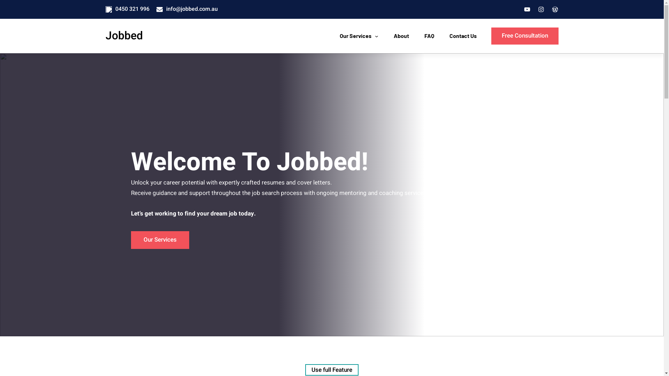 The image size is (669, 376). Describe the element at coordinates (446, 36) in the screenshot. I see `'Contact Us'` at that location.